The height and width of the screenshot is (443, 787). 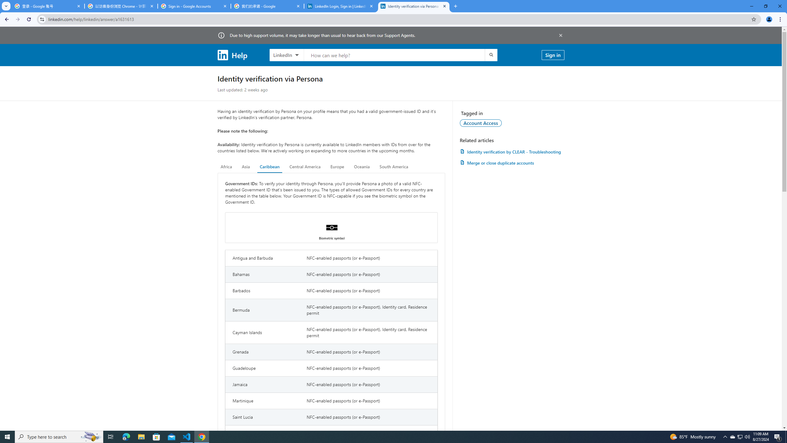 What do you see at coordinates (341, 6) in the screenshot?
I see `'LinkedIn Login, Sign in | LinkedIn'` at bounding box center [341, 6].